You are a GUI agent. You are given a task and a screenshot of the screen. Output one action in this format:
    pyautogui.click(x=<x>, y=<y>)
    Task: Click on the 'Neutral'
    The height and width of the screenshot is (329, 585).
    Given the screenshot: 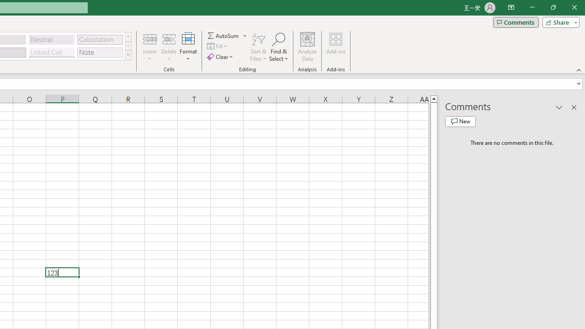 What is the action you would take?
    pyautogui.click(x=51, y=39)
    